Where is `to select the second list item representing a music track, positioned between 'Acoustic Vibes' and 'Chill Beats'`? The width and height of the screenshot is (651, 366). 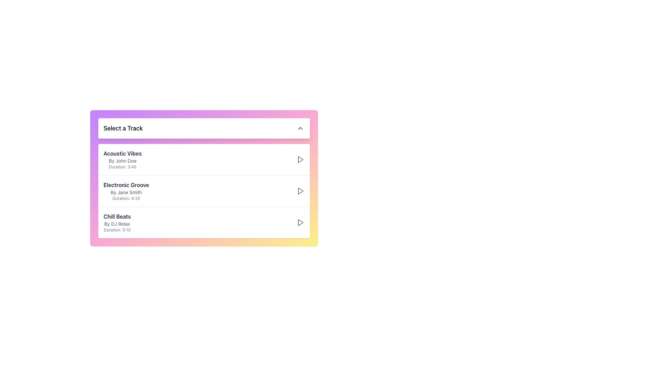
to select the second list item representing a music track, positioned between 'Acoustic Vibes' and 'Chill Beats' is located at coordinates (203, 191).